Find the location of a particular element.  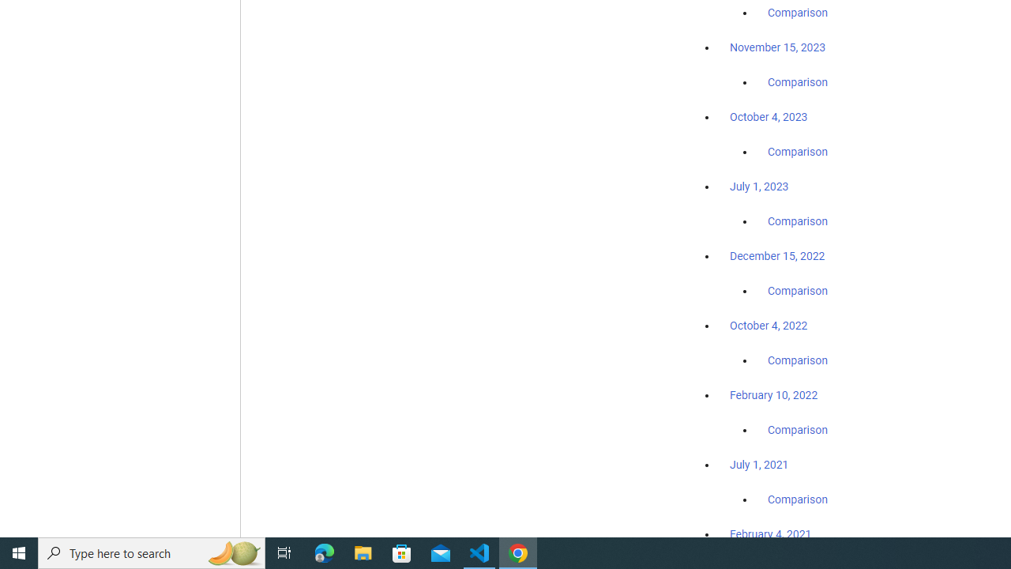

'October 4, 2022' is located at coordinates (769, 325).